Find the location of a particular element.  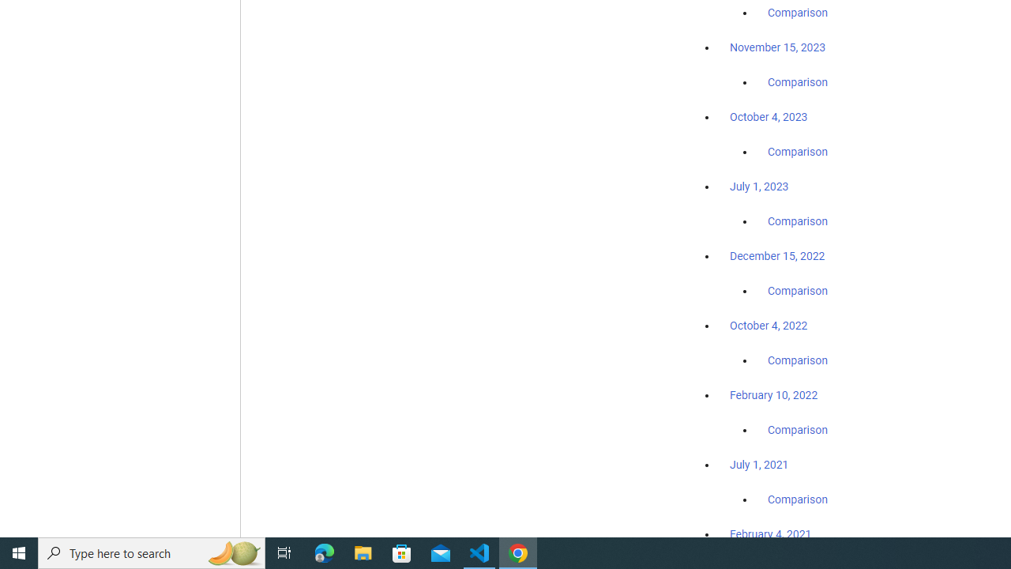

'October 4, 2022' is located at coordinates (769, 325).